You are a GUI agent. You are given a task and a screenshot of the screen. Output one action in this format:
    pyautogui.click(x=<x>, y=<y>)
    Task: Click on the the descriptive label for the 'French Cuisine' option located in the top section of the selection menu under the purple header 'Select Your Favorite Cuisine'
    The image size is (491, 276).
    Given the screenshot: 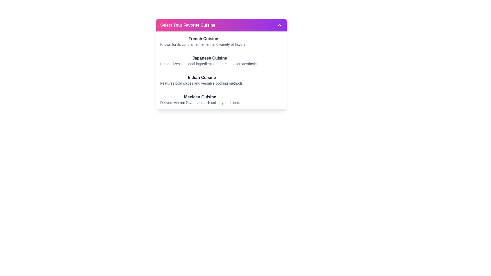 What is the action you would take?
    pyautogui.click(x=203, y=41)
    